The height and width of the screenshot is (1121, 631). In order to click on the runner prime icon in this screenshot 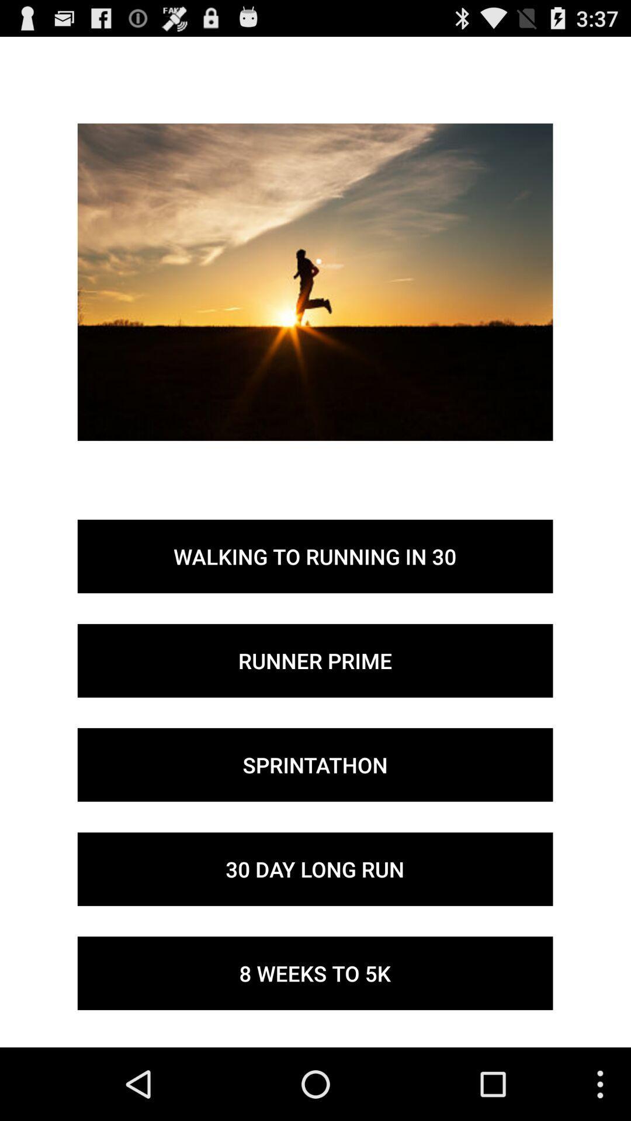, I will do `click(314, 660)`.